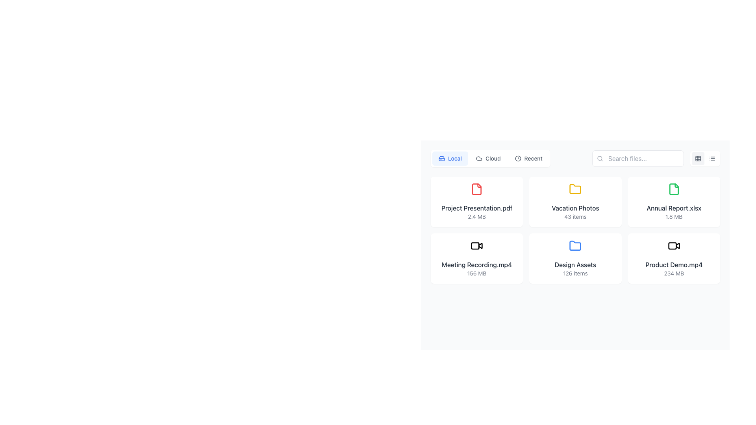 The width and height of the screenshot is (756, 425). I want to click on the 'Local' button, so click(450, 158).